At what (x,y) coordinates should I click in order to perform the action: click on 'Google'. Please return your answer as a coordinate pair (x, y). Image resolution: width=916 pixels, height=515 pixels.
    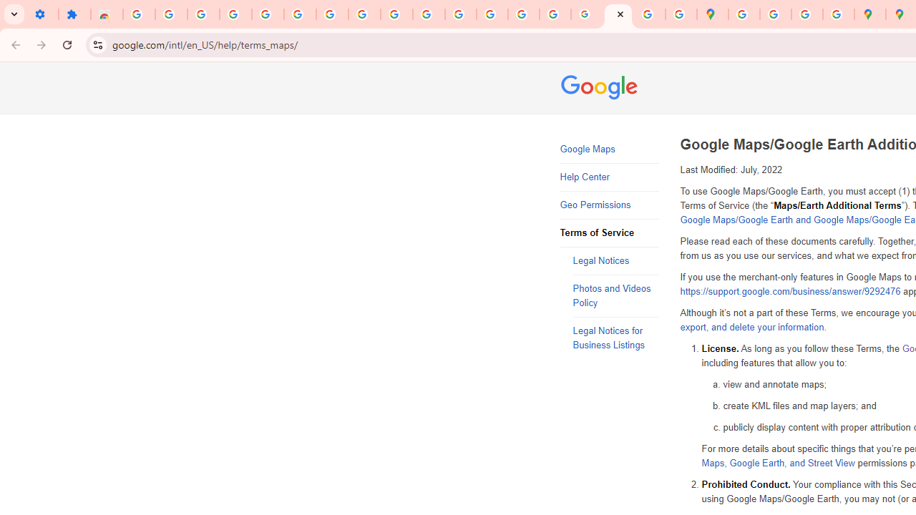
    Looking at the image, I should click on (601, 89).